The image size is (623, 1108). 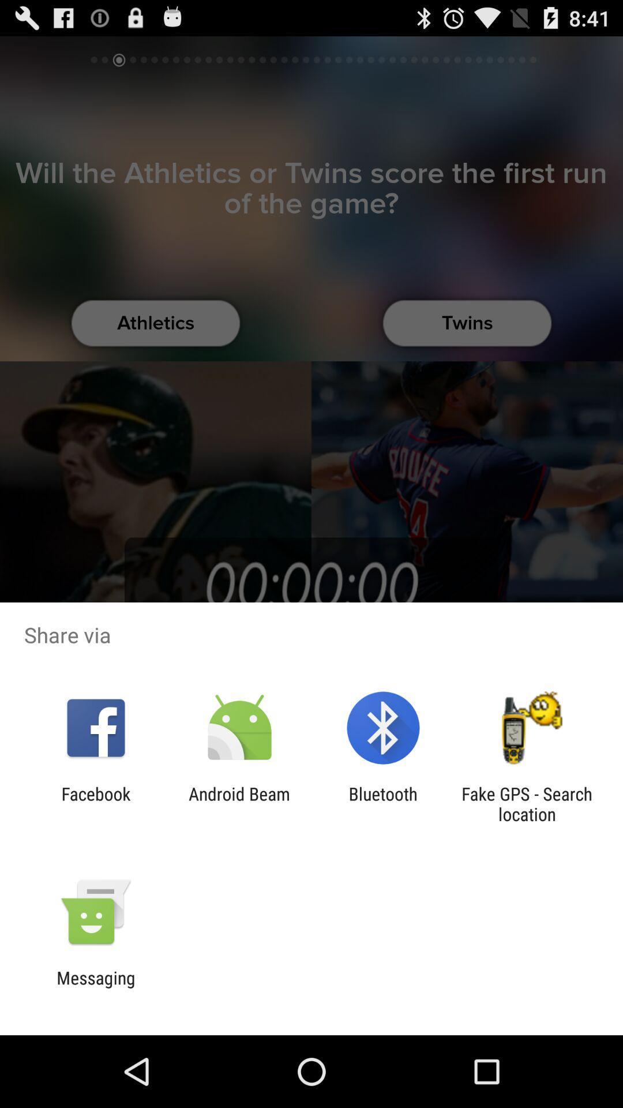 I want to click on messaging, so click(x=95, y=987).